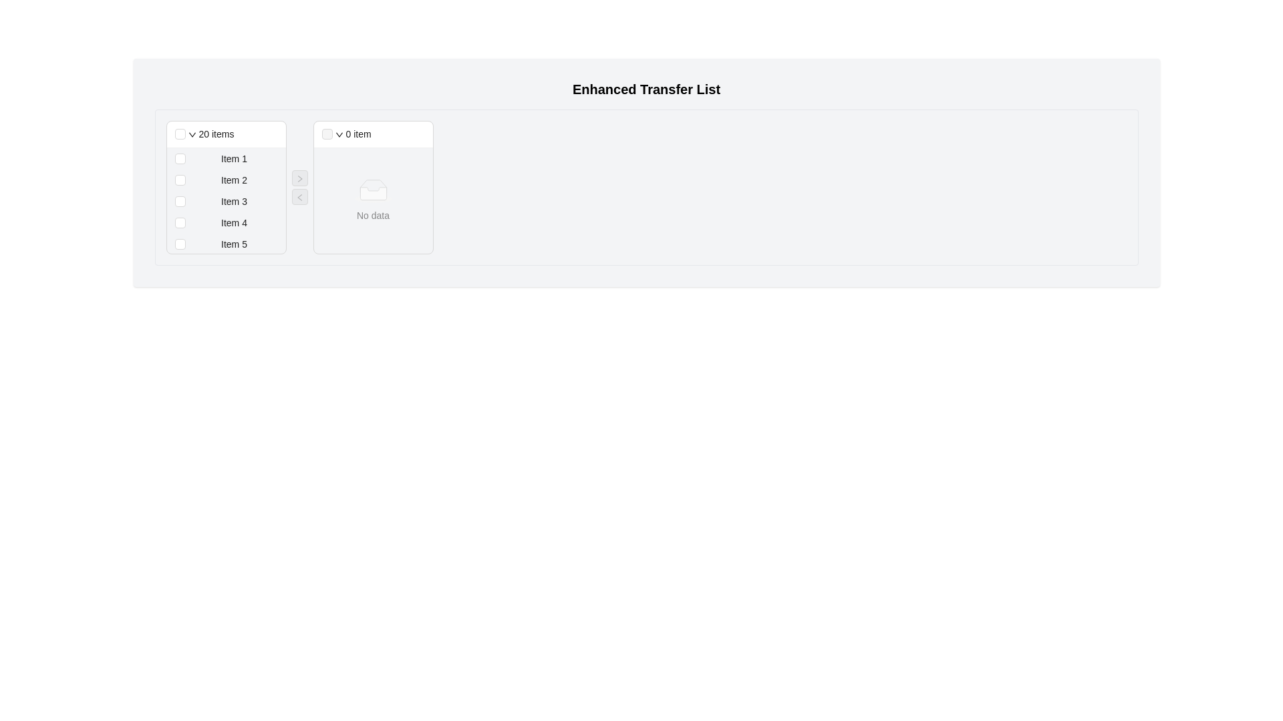 The image size is (1283, 721). What do you see at coordinates (226, 158) in the screenshot?
I see `the first checkbox item in the left panel's transfer list` at bounding box center [226, 158].